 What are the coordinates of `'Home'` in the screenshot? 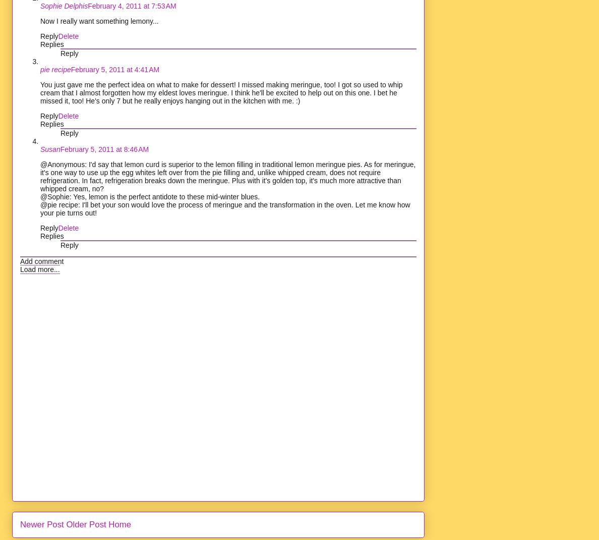 It's located at (119, 524).